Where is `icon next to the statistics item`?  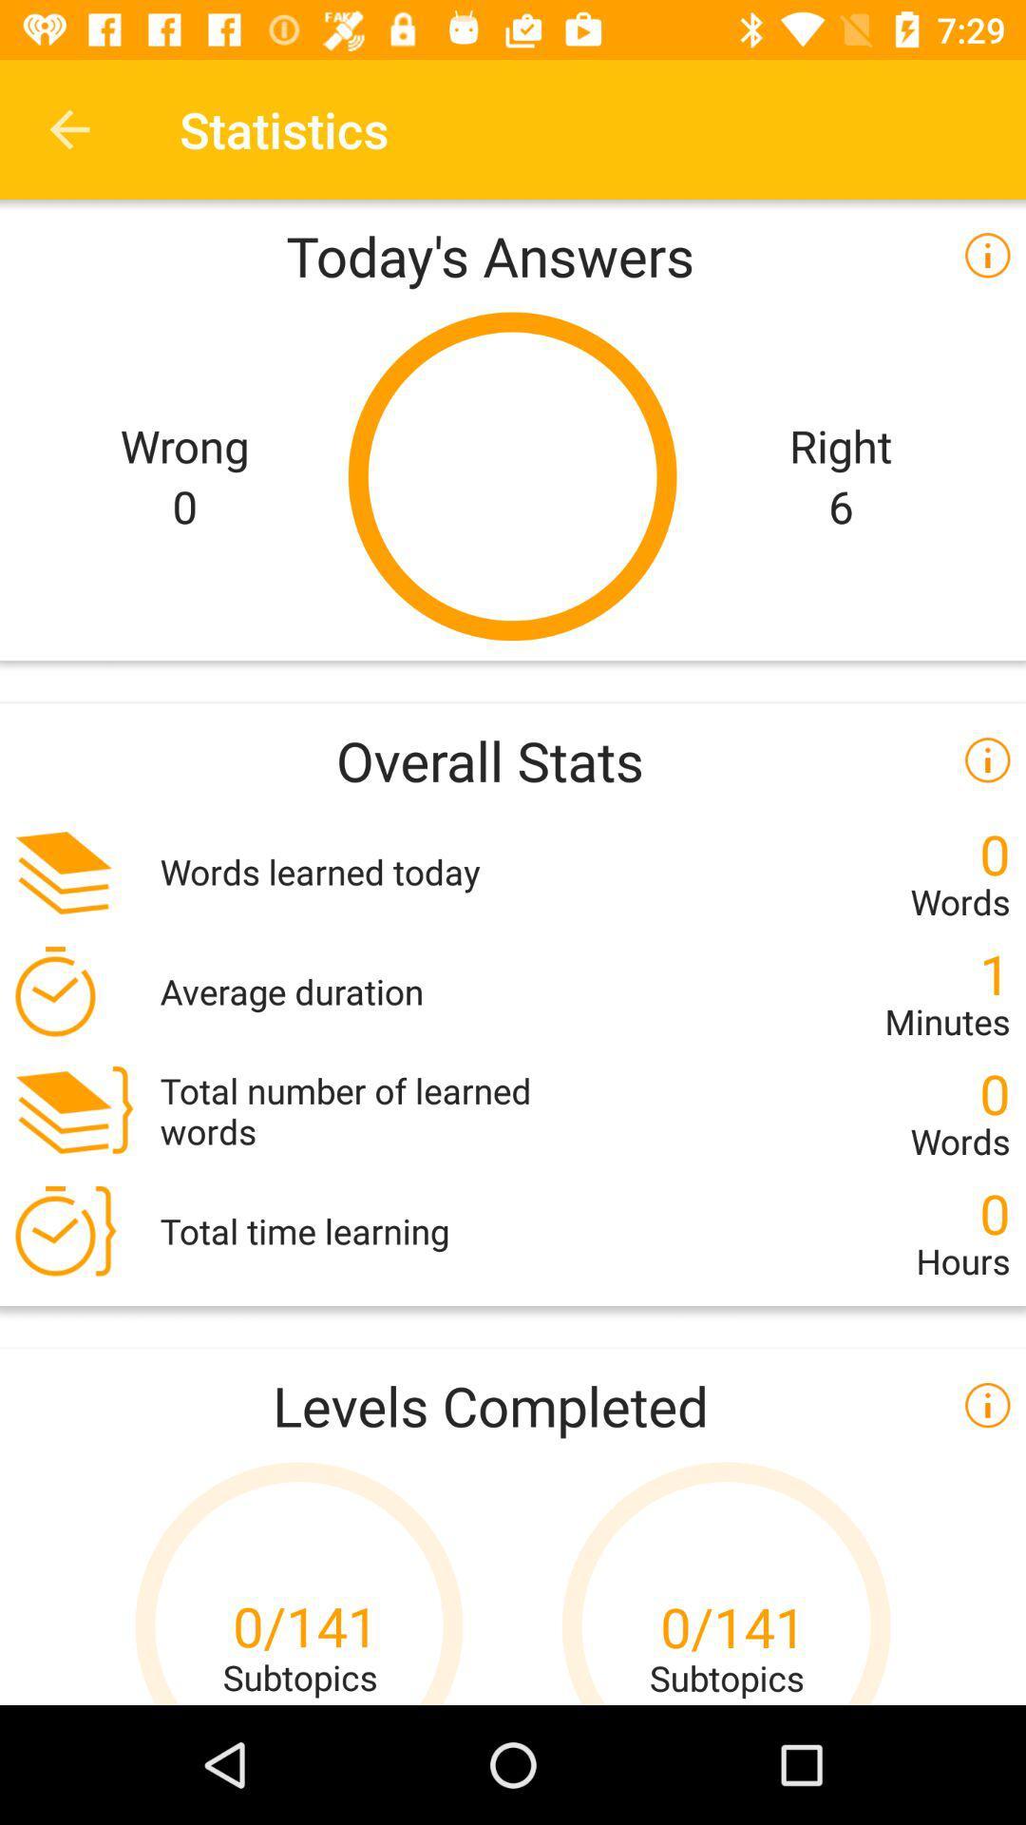 icon next to the statistics item is located at coordinates (68, 128).